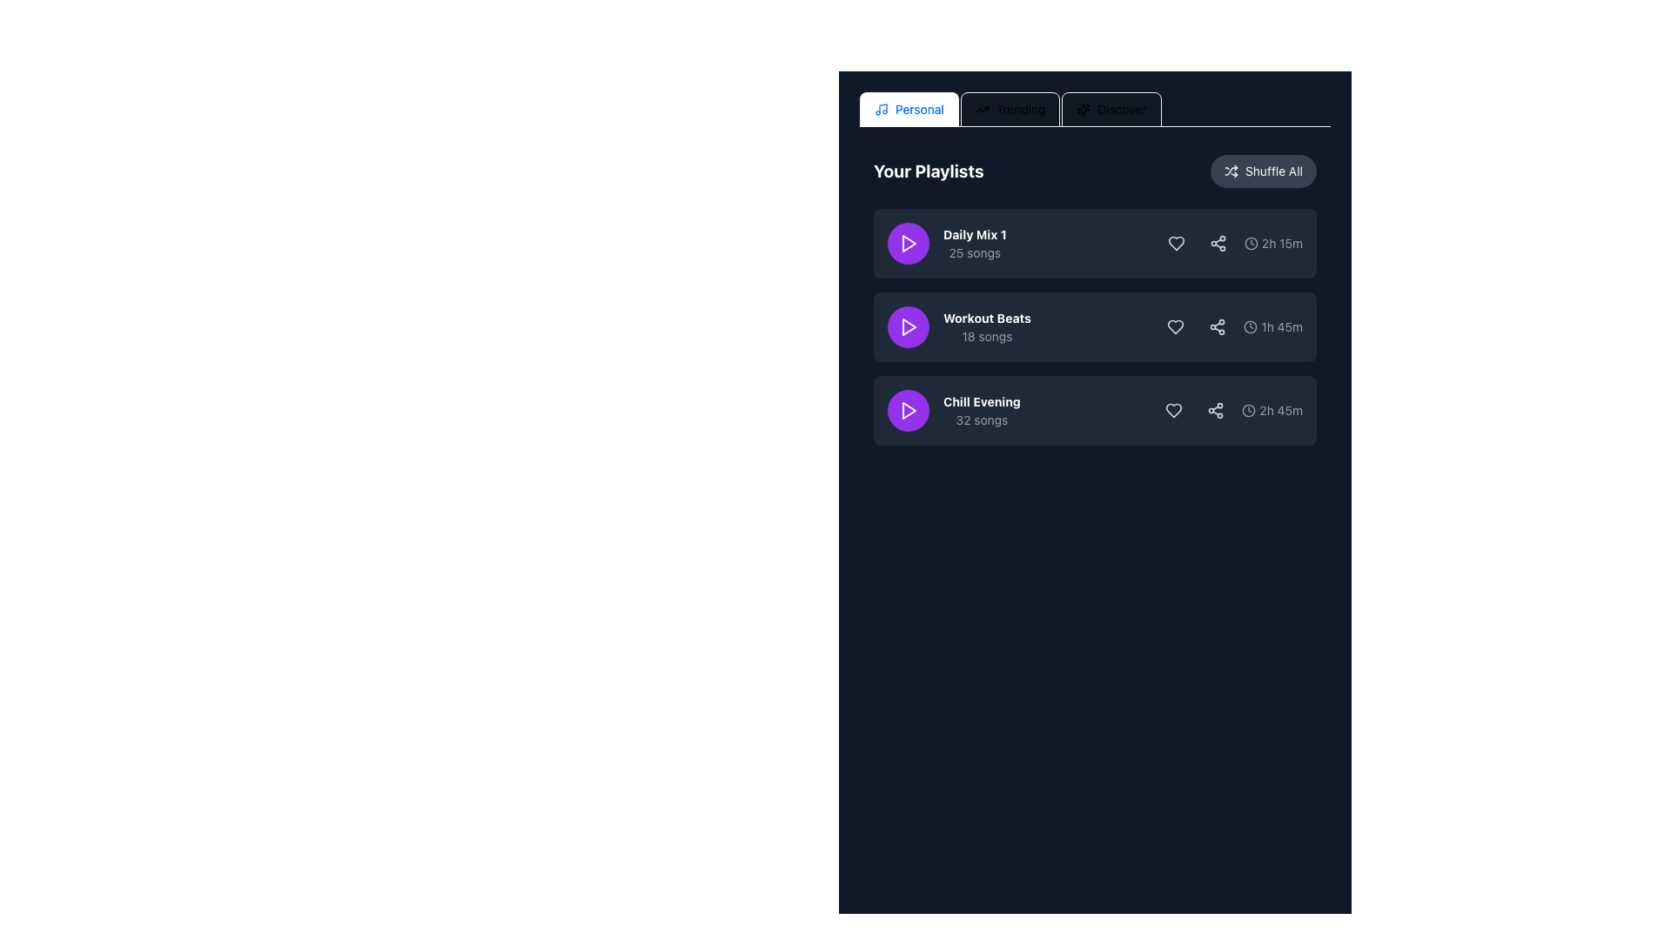 The image size is (1671, 940). What do you see at coordinates (1217, 244) in the screenshot?
I see `the share icon button, which consists of three connected circles and two linking lines, located at the top-right corner of the 'Daily Mix 1' playlist entry` at bounding box center [1217, 244].